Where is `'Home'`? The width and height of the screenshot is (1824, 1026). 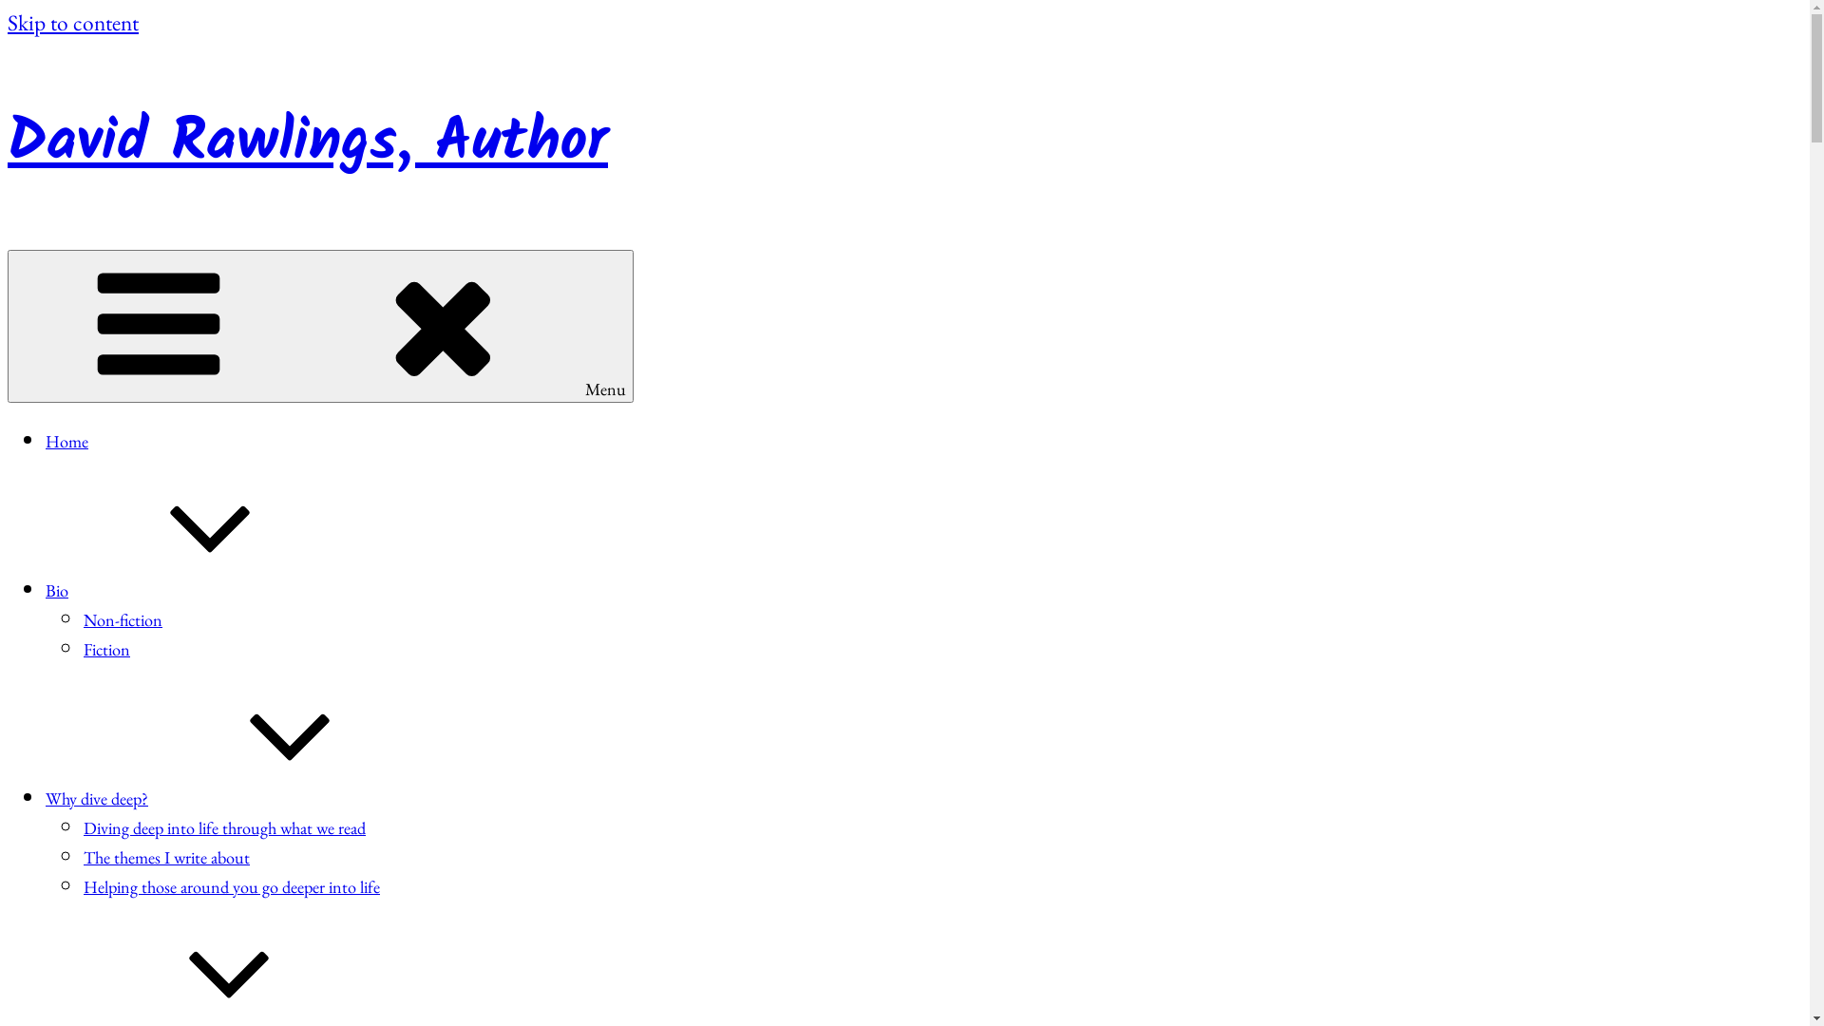 'Home' is located at coordinates (66, 441).